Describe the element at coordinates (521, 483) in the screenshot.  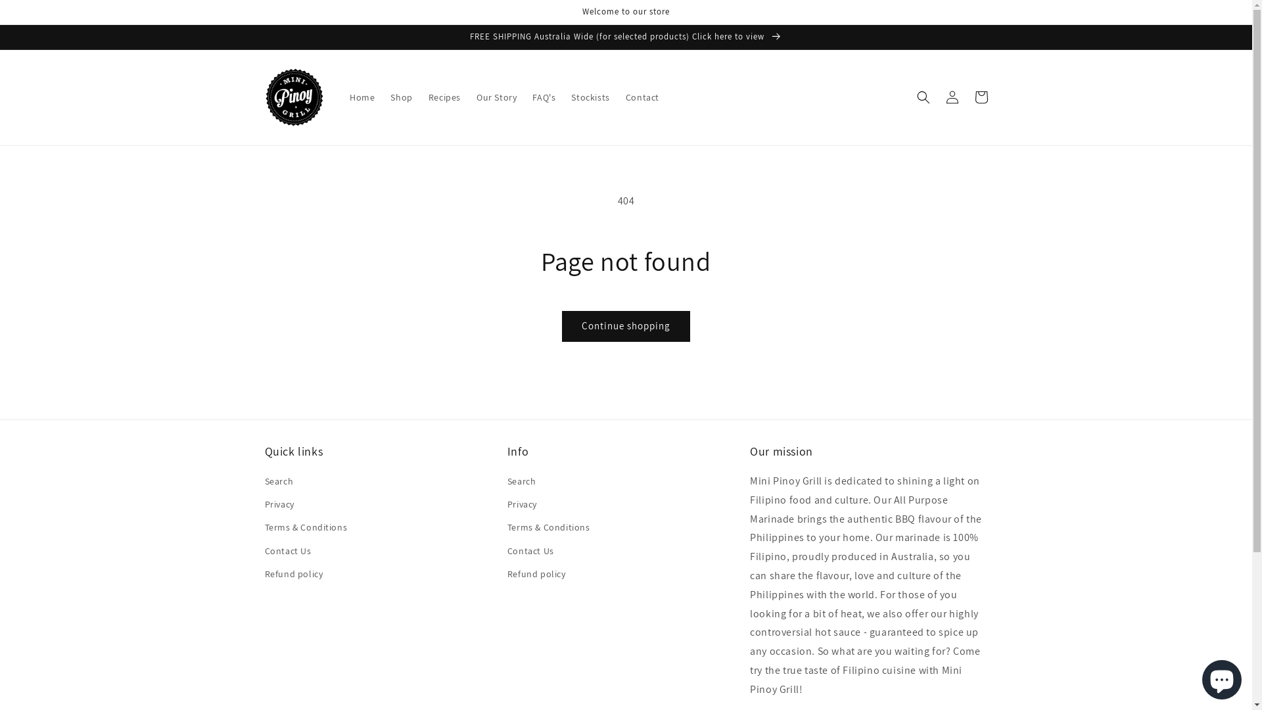
I see `'Search'` at that location.